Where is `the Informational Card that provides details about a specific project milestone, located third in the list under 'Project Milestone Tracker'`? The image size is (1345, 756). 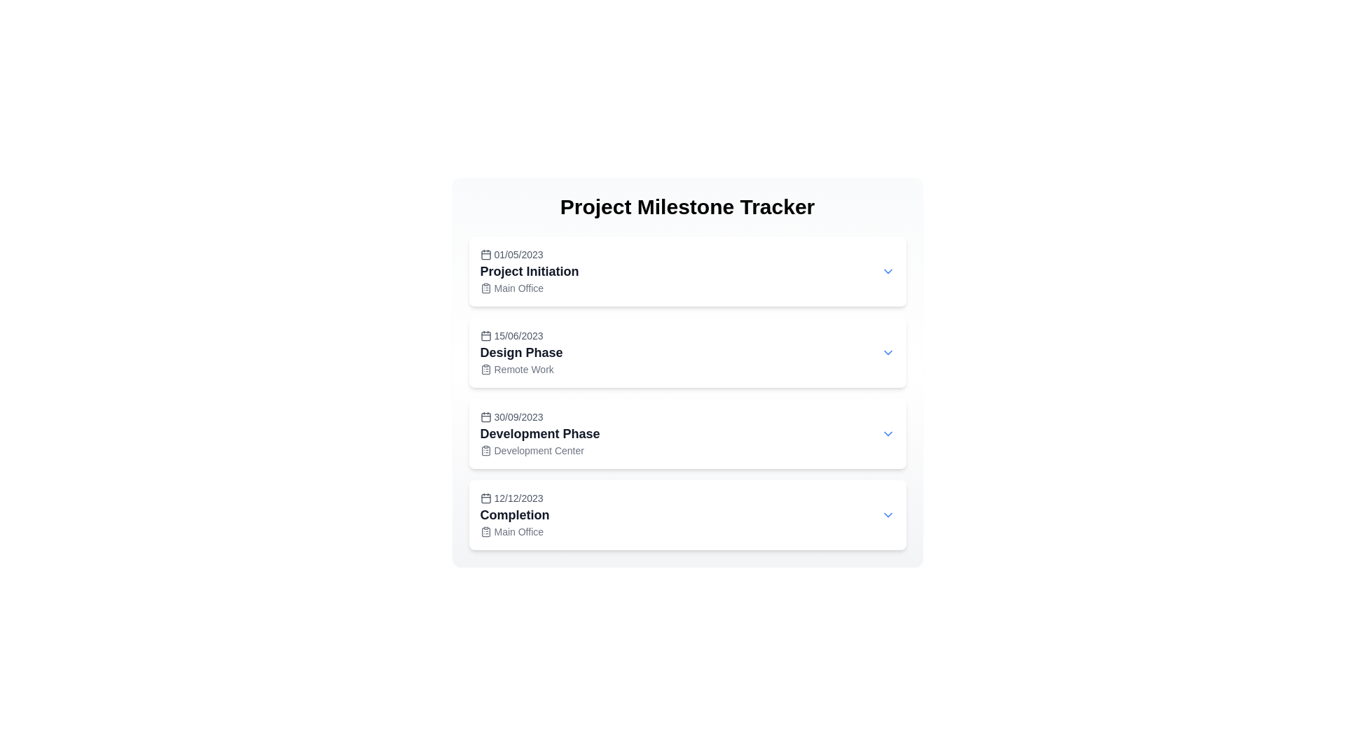
the Informational Card that provides details about a specific project milestone, located third in the list under 'Project Milestone Tracker' is located at coordinates (687, 433).